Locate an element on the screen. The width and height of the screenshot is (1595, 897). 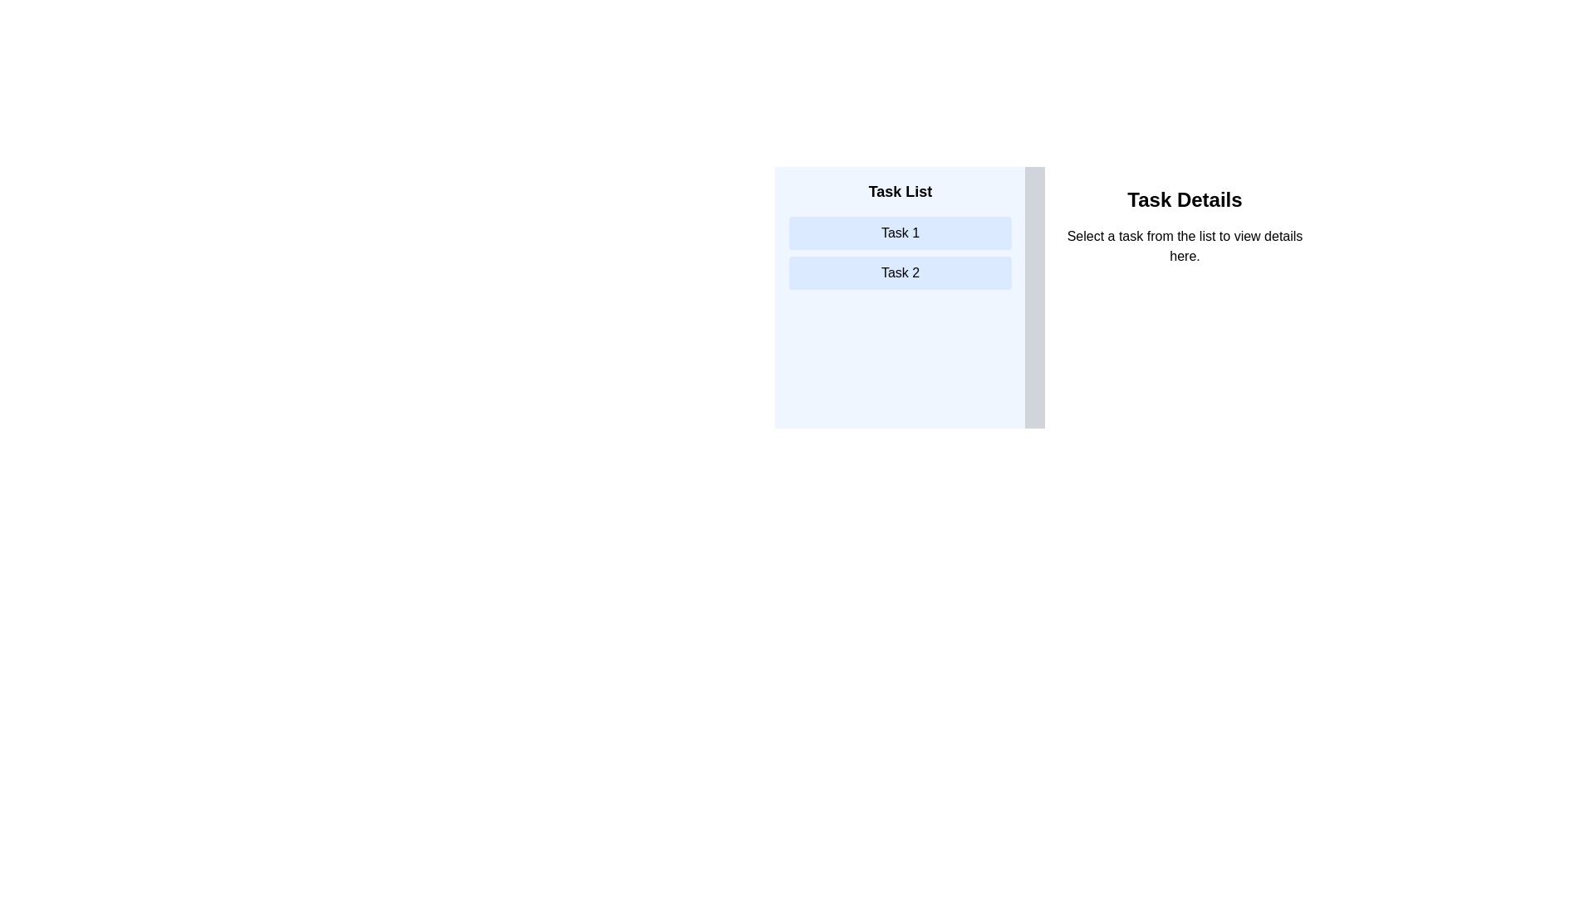
the 'Task 2' button within the 'Task List' section is located at coordinates (900, 272).